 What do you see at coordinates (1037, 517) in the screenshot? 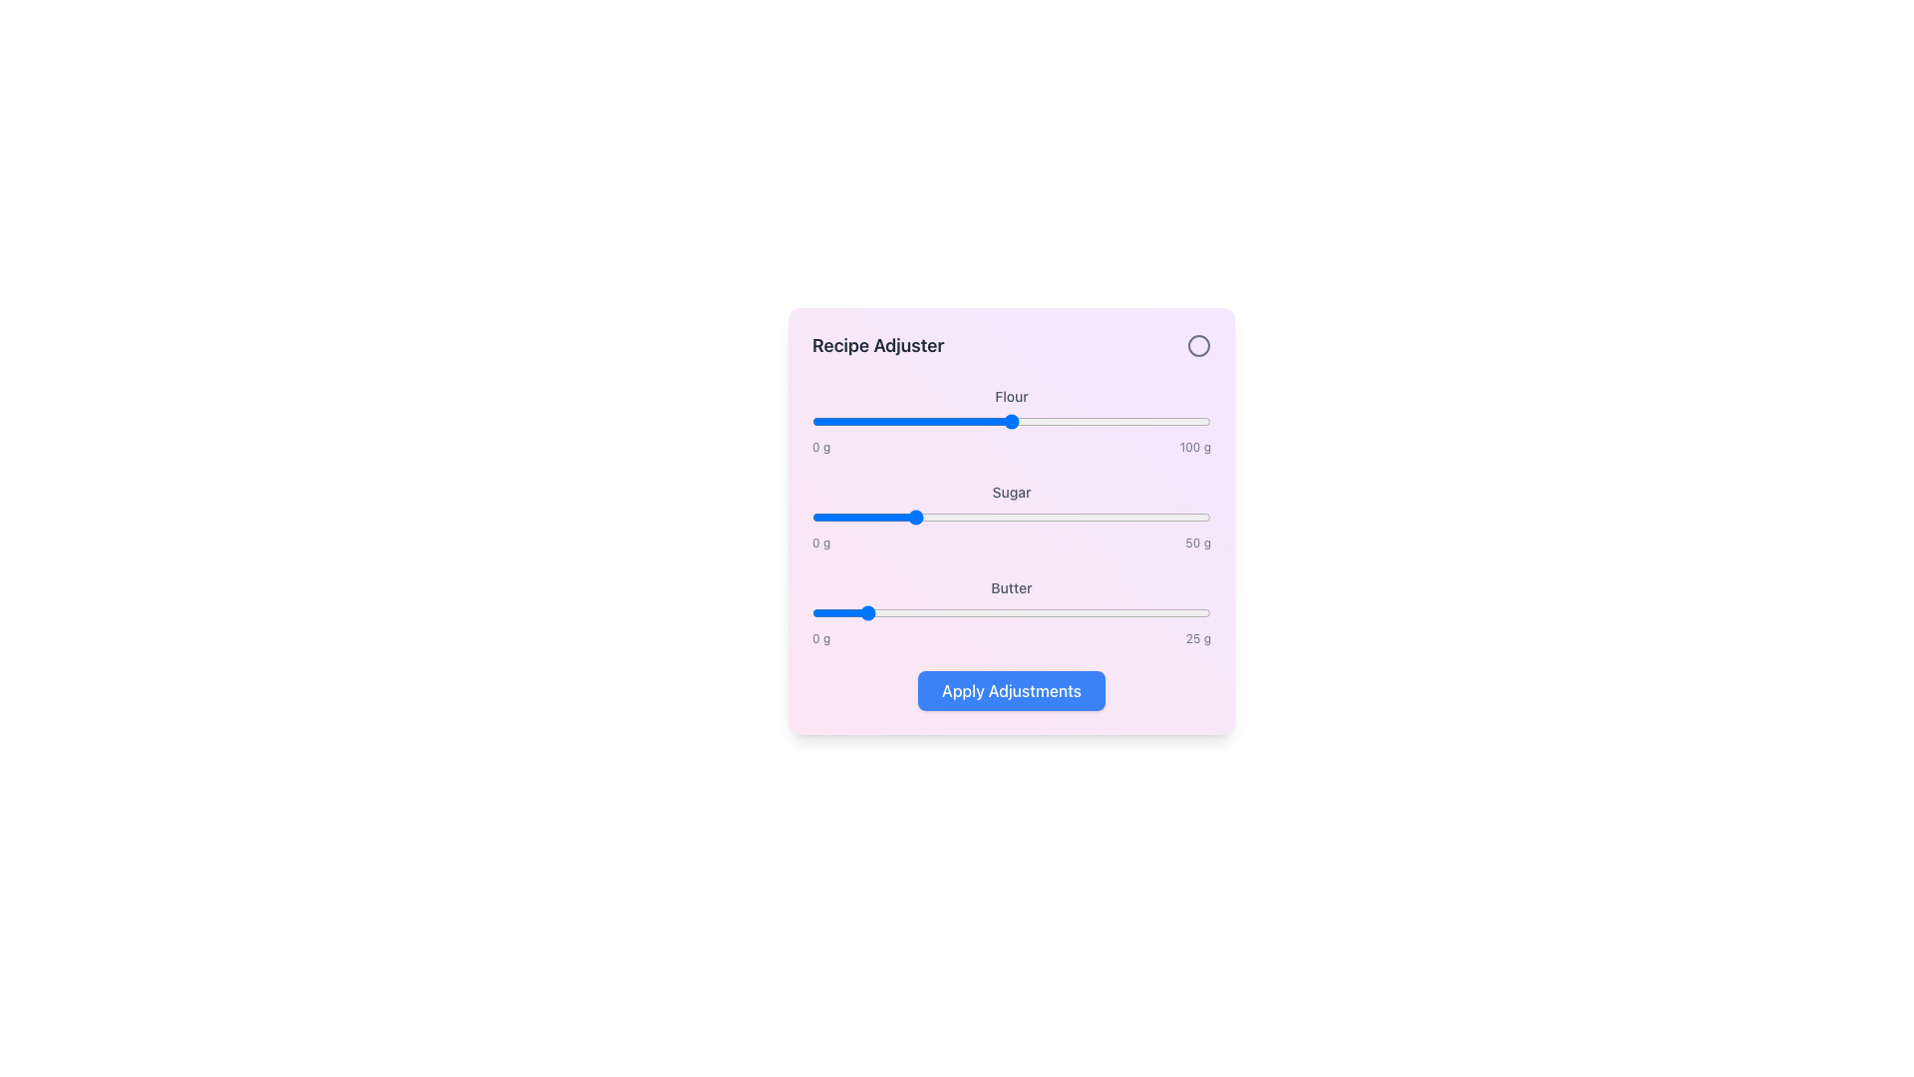
I see `sugar slider` at bounding box center [1037, 517].